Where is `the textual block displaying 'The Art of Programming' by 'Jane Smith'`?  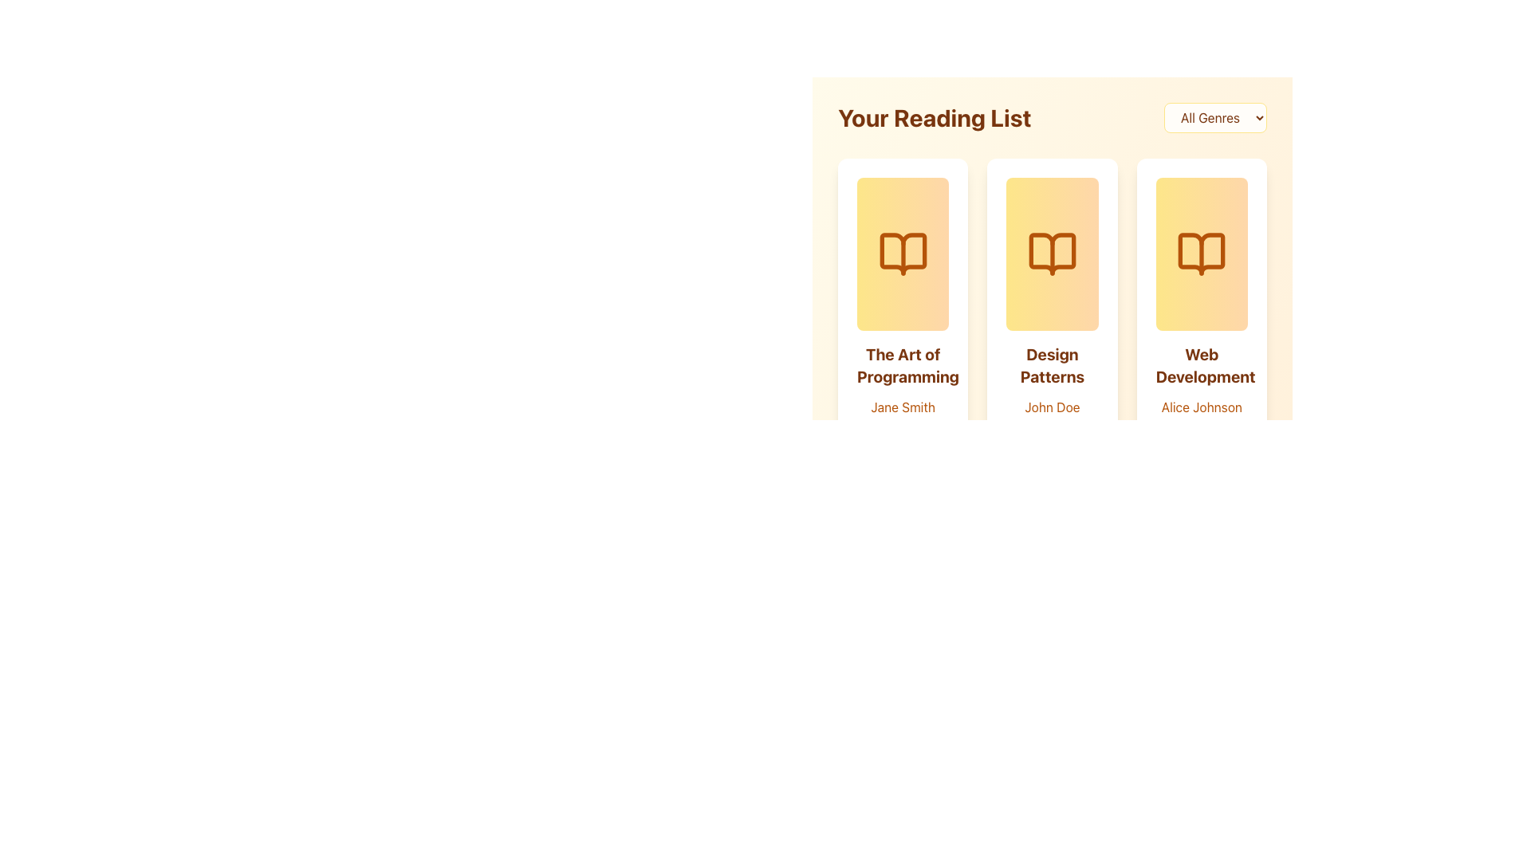 the textual block displaying 'The Art of Programming' by 'Jane Smith' is located at coordinates (903, 413).